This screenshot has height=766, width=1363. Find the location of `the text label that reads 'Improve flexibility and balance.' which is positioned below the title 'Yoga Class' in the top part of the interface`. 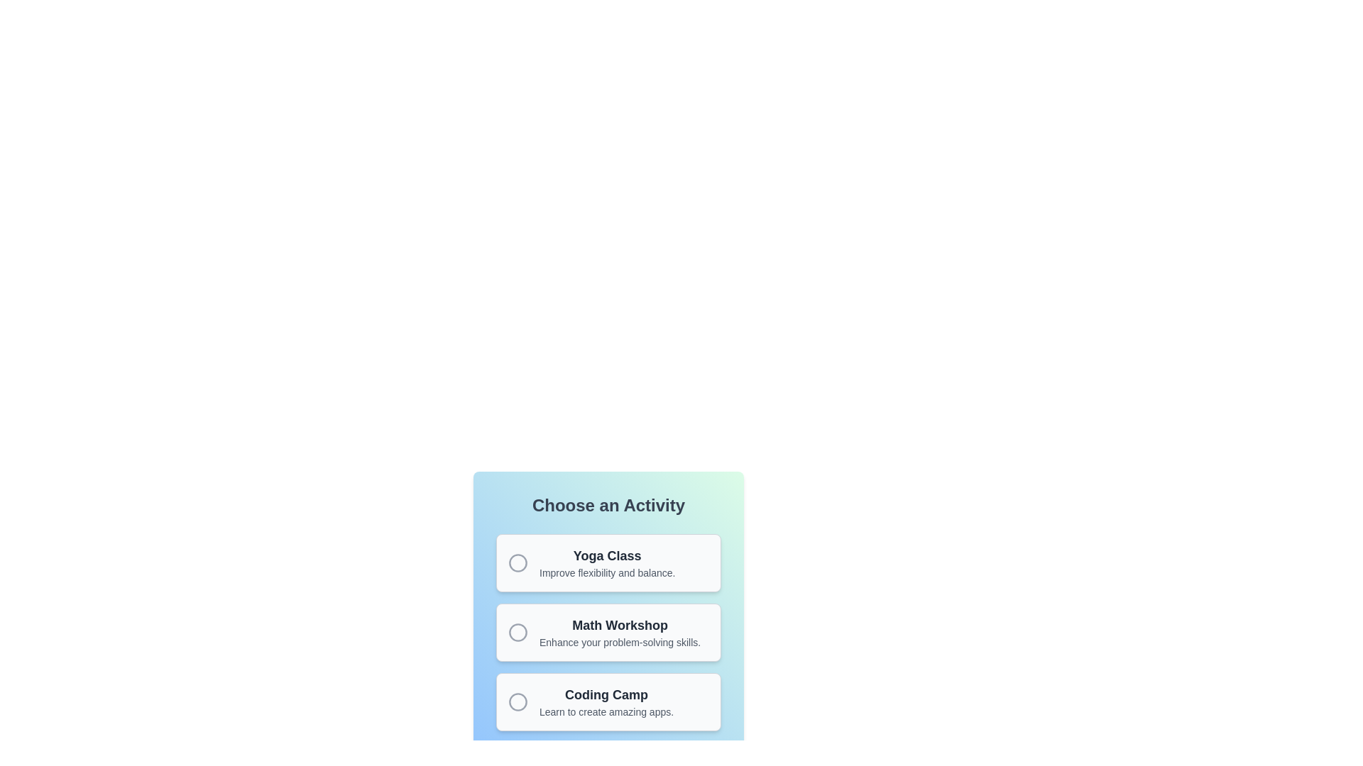

the text label that reads 'Improve flexibility and balance.' which is positioned below the title 'Yoga Class' in the top part of the interface is located at coordinates (607, 572).